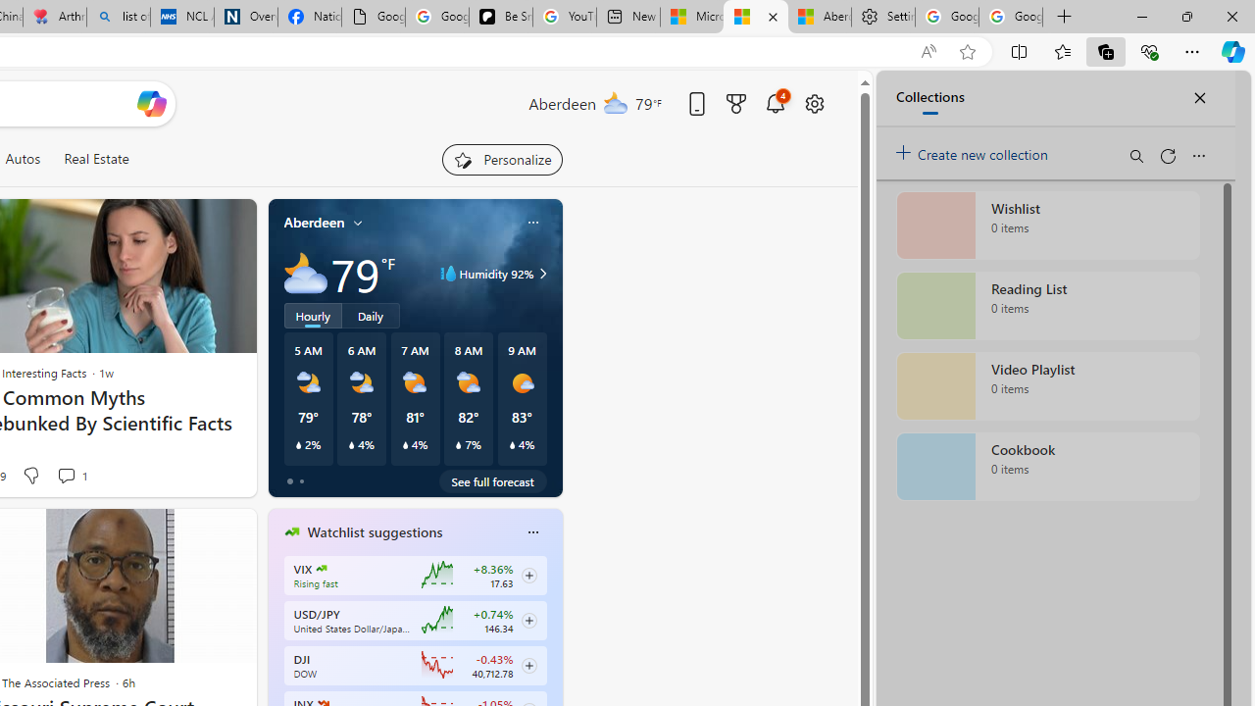 This screenshot has width=1255, height=706. I want to click on 'CBOE Market Volatility Index', so click(322, 568).